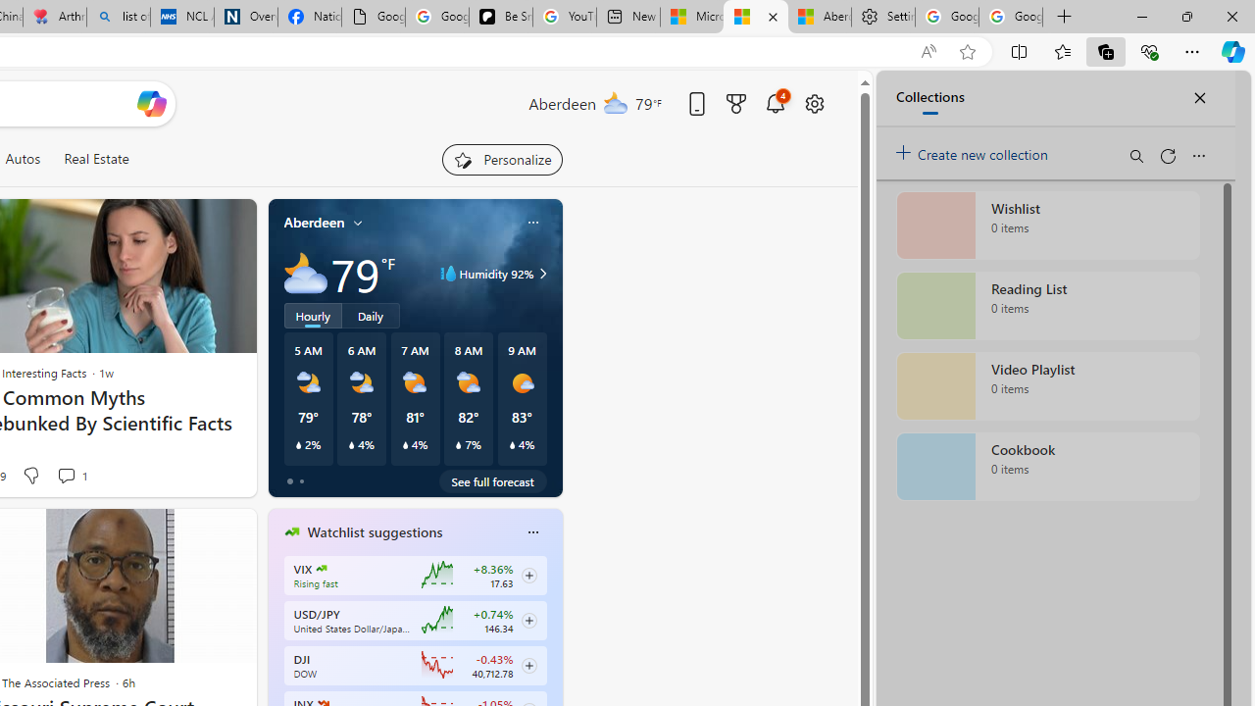 This screenshot has width=1255, height=706. I want to click on 'CBOE Market Volatility Index', so click(322, 568).